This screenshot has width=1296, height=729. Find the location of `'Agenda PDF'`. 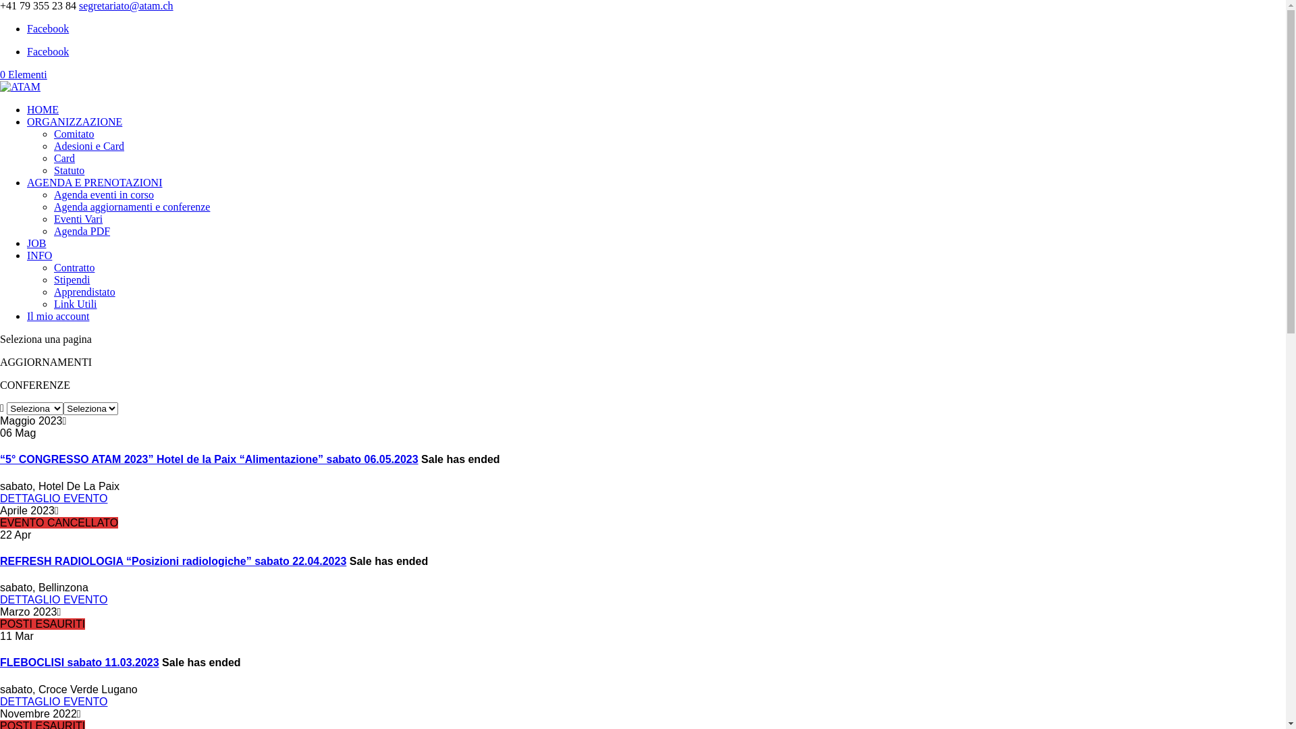

'Agenda PDF' is located at coordinates (81, 230).